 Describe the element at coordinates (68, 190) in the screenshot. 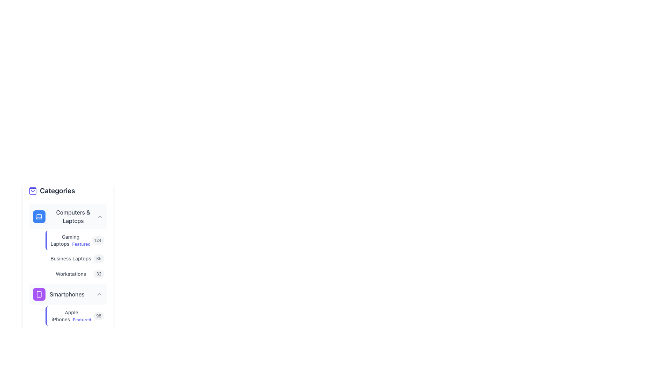

I see `the 'Categories' heading with an accompanying icon located at the top of the vertical sidebar` at that location.